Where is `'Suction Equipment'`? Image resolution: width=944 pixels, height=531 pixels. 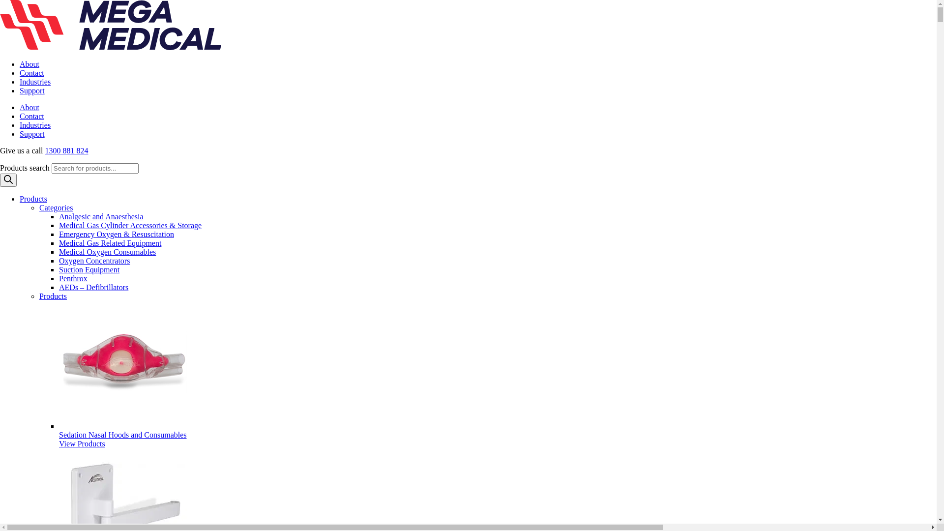
'Suction Equipment' is located at coordinates (89, 269).